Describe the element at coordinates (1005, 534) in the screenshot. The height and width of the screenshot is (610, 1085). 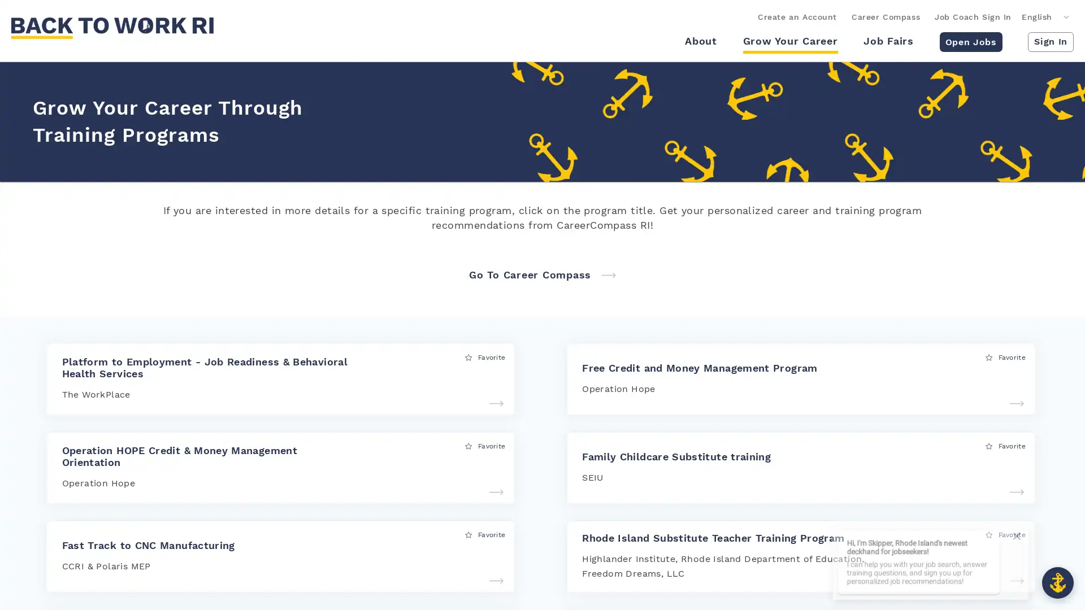
I see `not favorite Favorite` at that location.